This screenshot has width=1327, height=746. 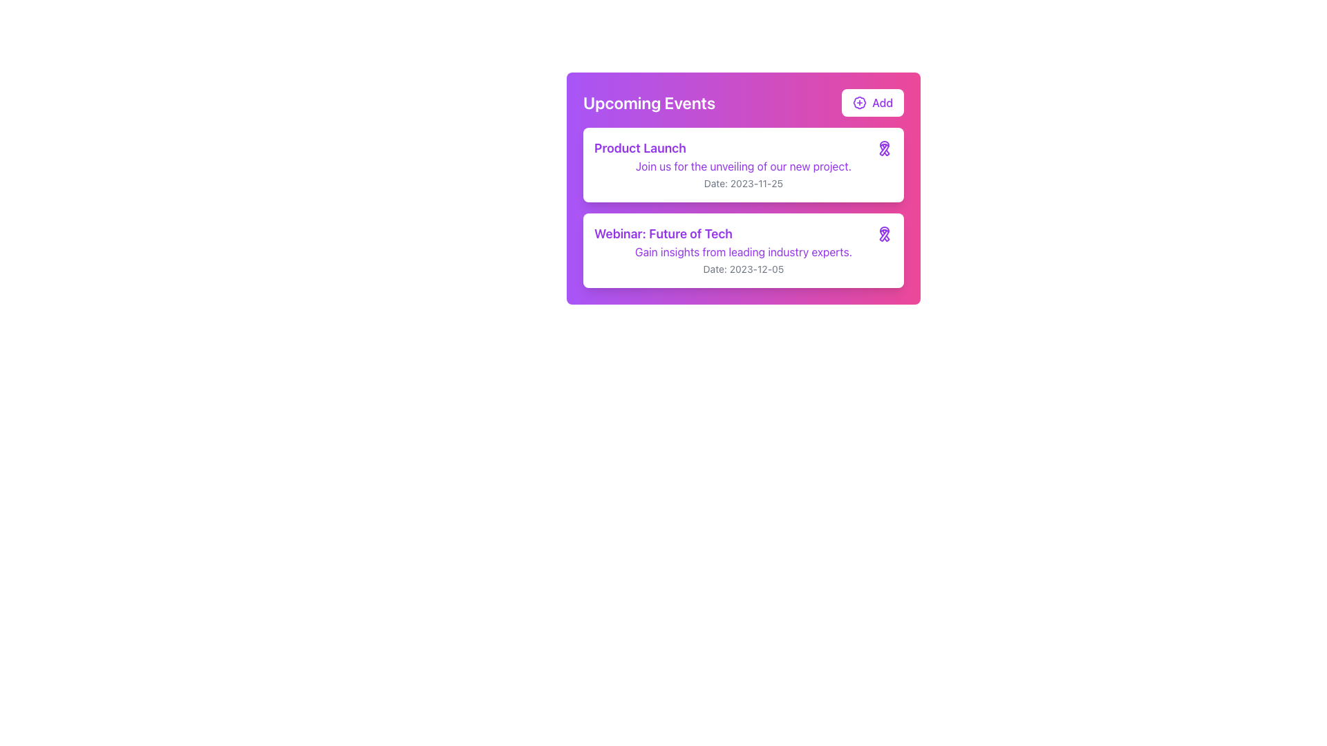 What do you see at coordinates (742, 269) in the screenshot?
I see `the text label displaying 'Date: 2023-12-05', which is located at the bottom of the second card titled 'Webinar: Future of Tech' in the 'Upcoming Events' section` at bounding box center [742, 269].